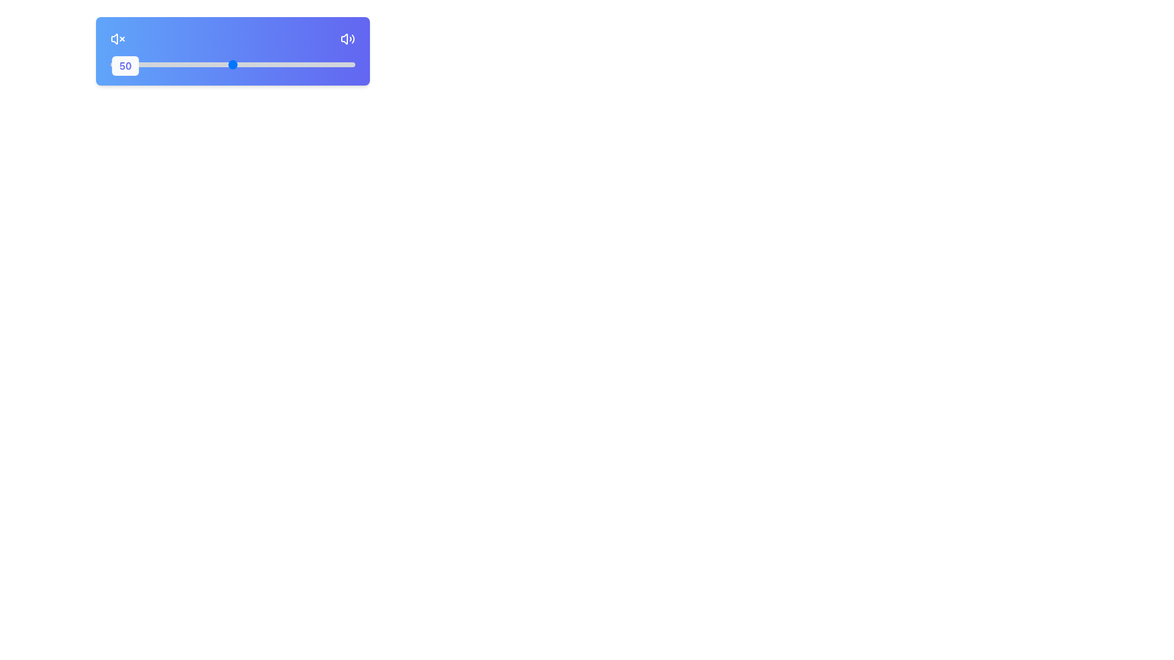 The width and height of the screenshot is (1174, 660). What do you see at coordinates (240, 64) in the screenshot?
I see `the slider` at bounding box center [240, 64].